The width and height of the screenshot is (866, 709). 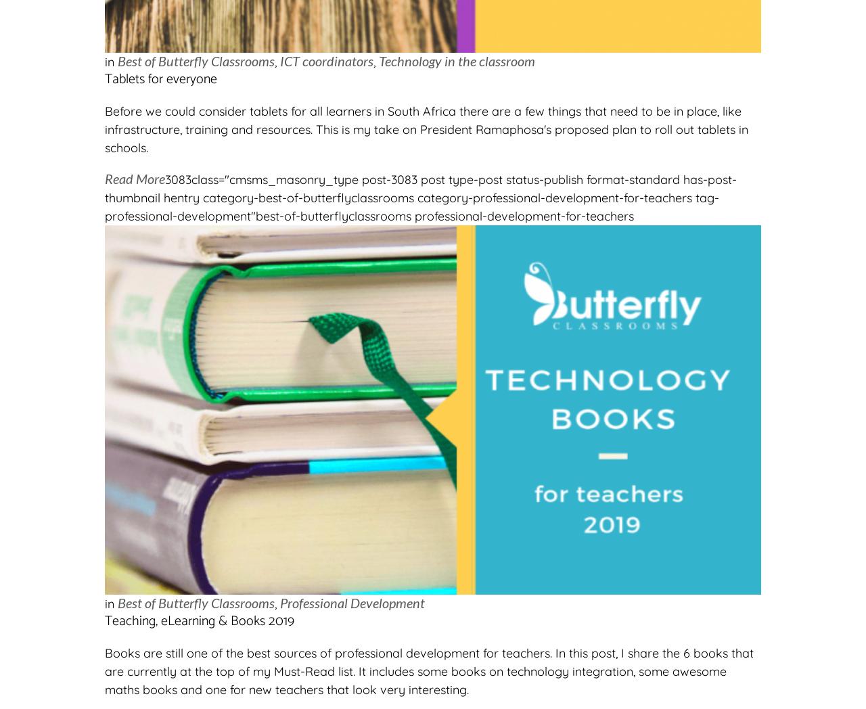 I want to click on 'Professional Development', so click(x=352, y=601).